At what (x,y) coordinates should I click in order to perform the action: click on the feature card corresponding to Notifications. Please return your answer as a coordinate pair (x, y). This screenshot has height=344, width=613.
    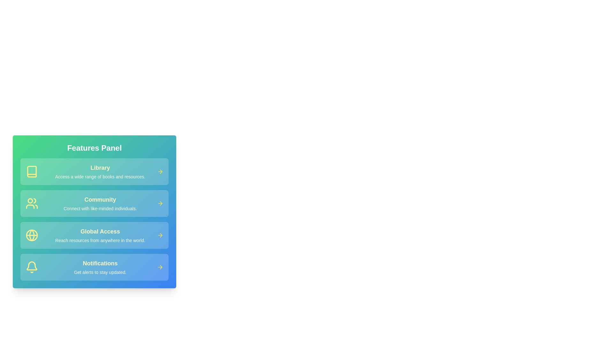
    Looking at the image, I should click on (94, 267).